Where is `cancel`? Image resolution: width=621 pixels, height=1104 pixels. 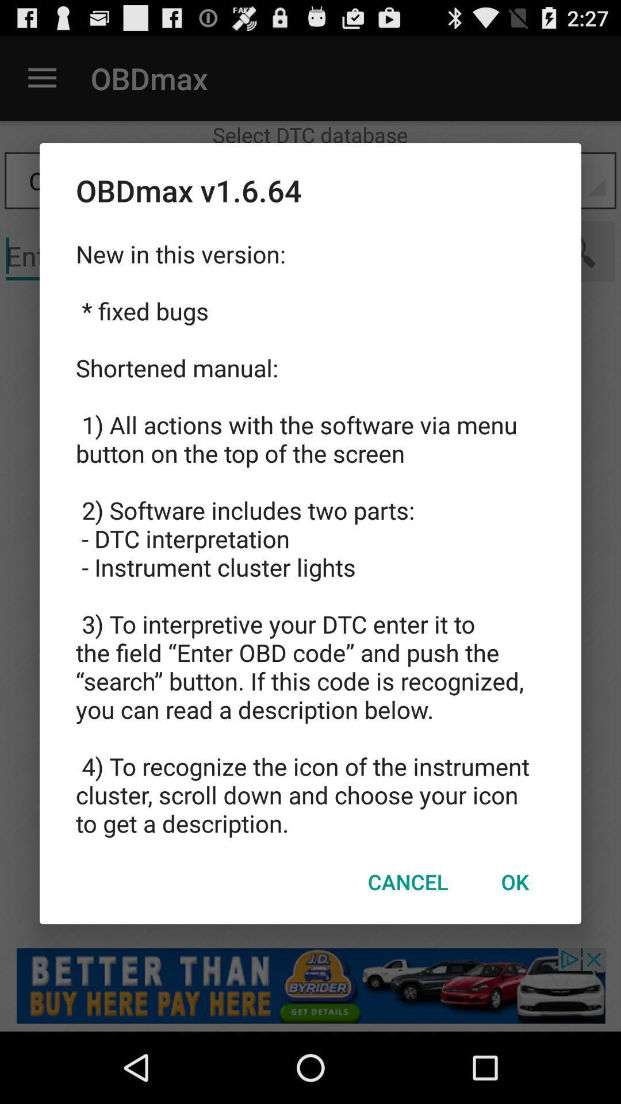
cancel is located at coordinates (407, 881).